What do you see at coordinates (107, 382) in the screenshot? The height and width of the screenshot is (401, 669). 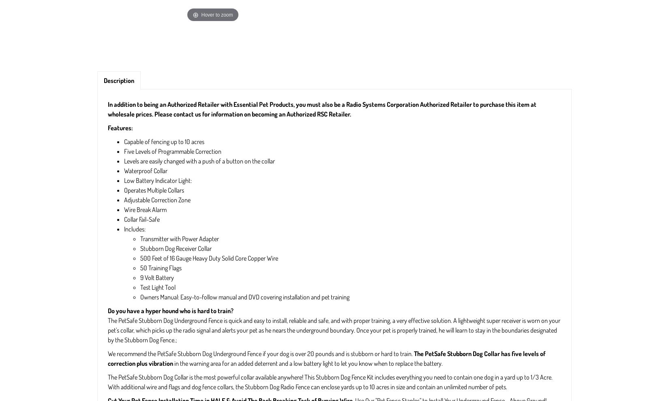 I see `'The PetSafe Stubborn Dog Collar is the most powerful collar available anywhere! This Stubborn Dog Fence Kit includes everything you need to contain one dog in a yard up to 1/3 Acre. With additional wire and flags and dog fence collars, the Stubborn Dog Radio Fence can enclose yards up to 10 acres in size and contain an unlimited number of pets.'` at bounding box center [107, 382].